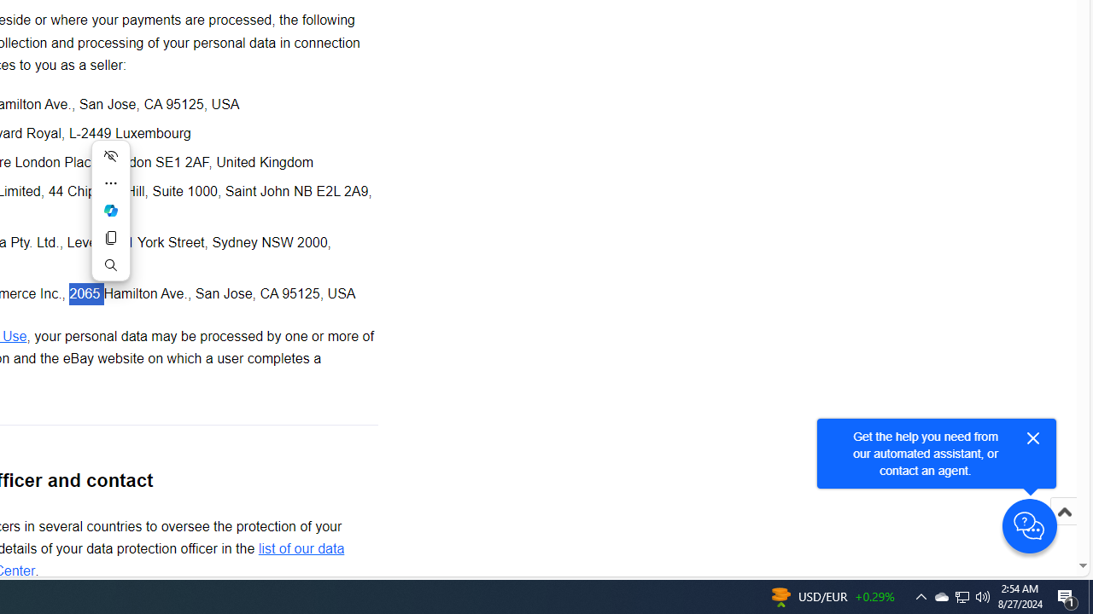 Image resolution: width=1093 pixels, height=614 pixels. I want to click on 'Scroll to top', so click(1063, 529).